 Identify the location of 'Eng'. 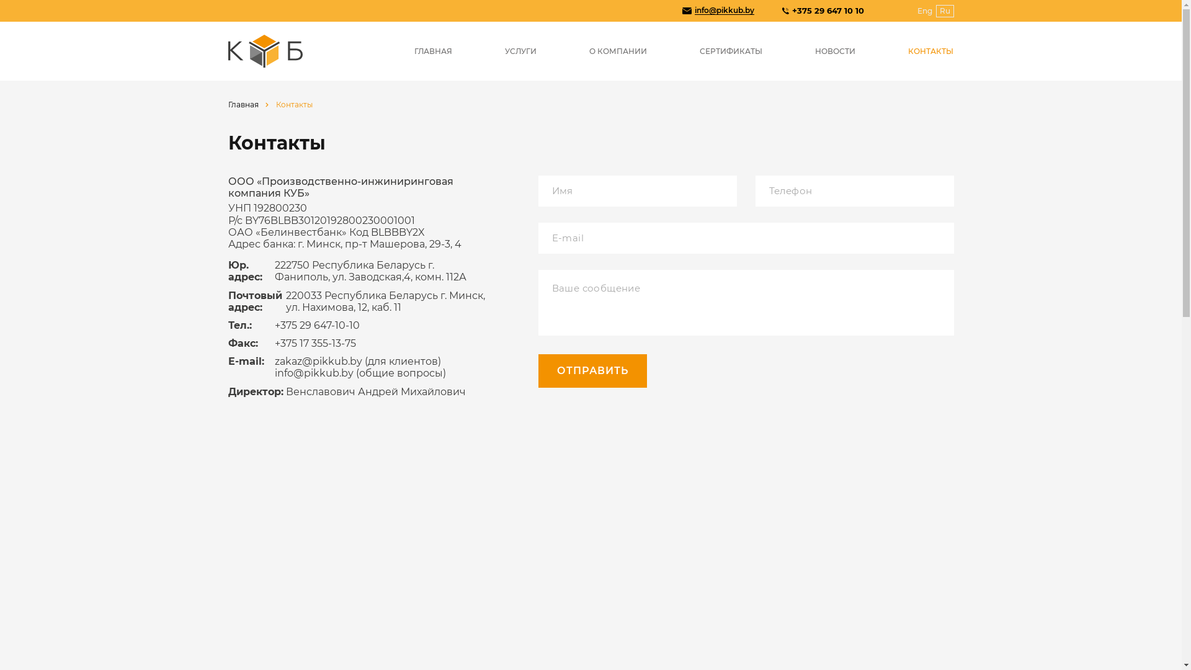
(925, 11).